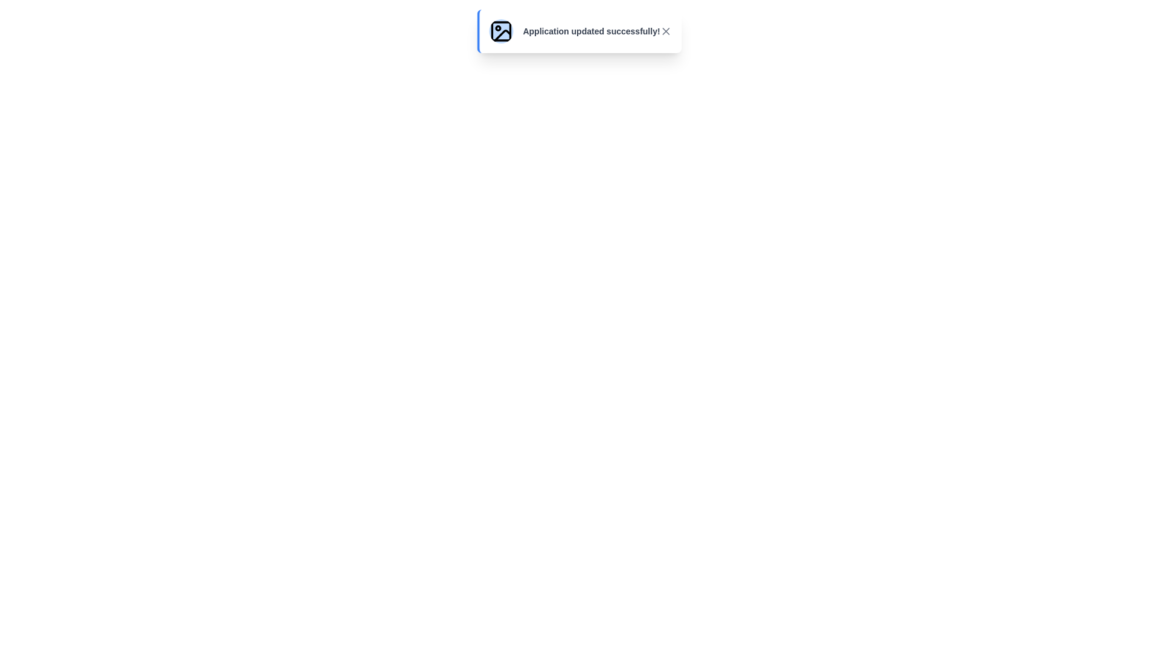 This screenshot has height=652, width=1159. I want to click on the close button of the notification to dismiss it, so click(665, 30).